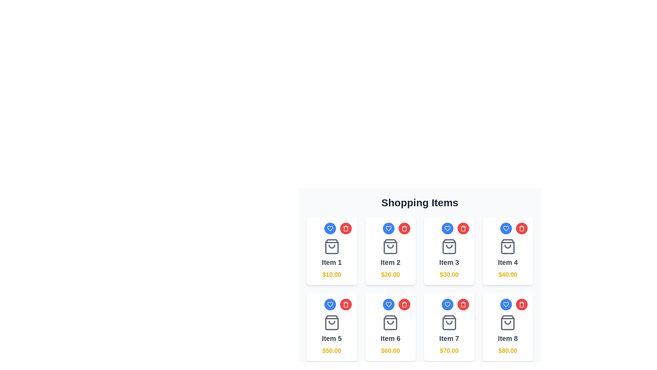 The height and width of the screenshot is (370, 657). Describe the element at coordinates (463, 304) in the screenshot. I see `the delete icon button located at the top-right corner of Item 6 in the 'Shopping Items' section` at that location.